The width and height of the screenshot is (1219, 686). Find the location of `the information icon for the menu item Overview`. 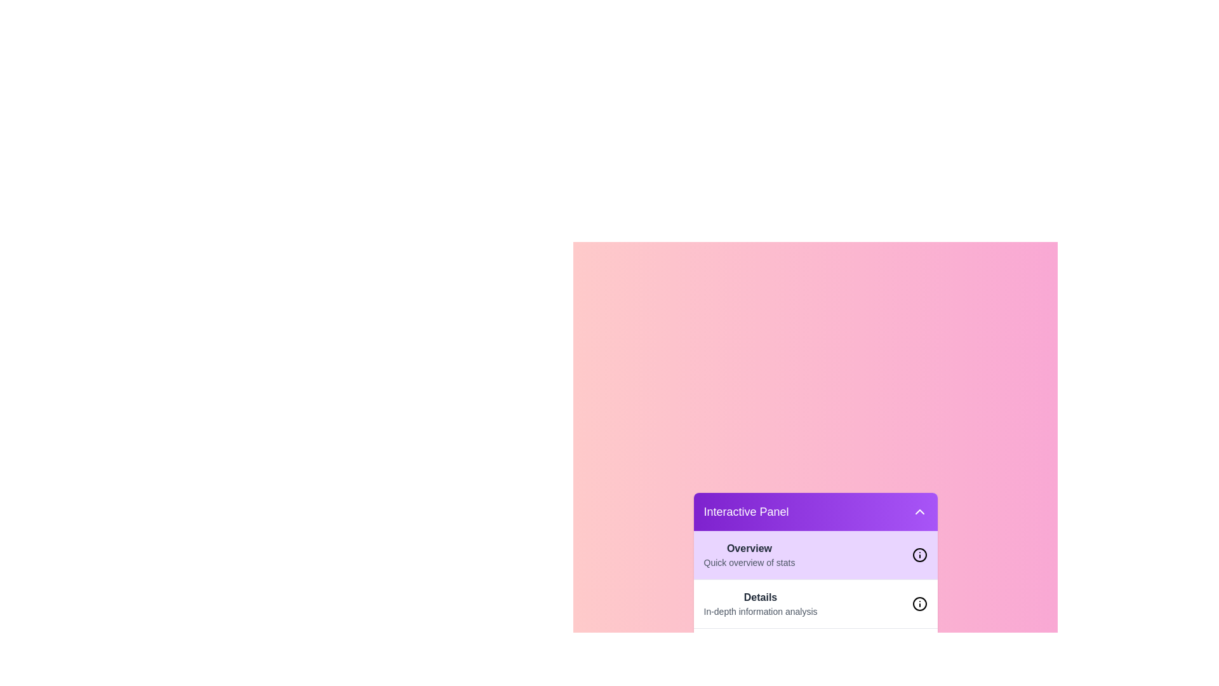

the information icon for the menu item Overview is located at coordinates (919, 555).